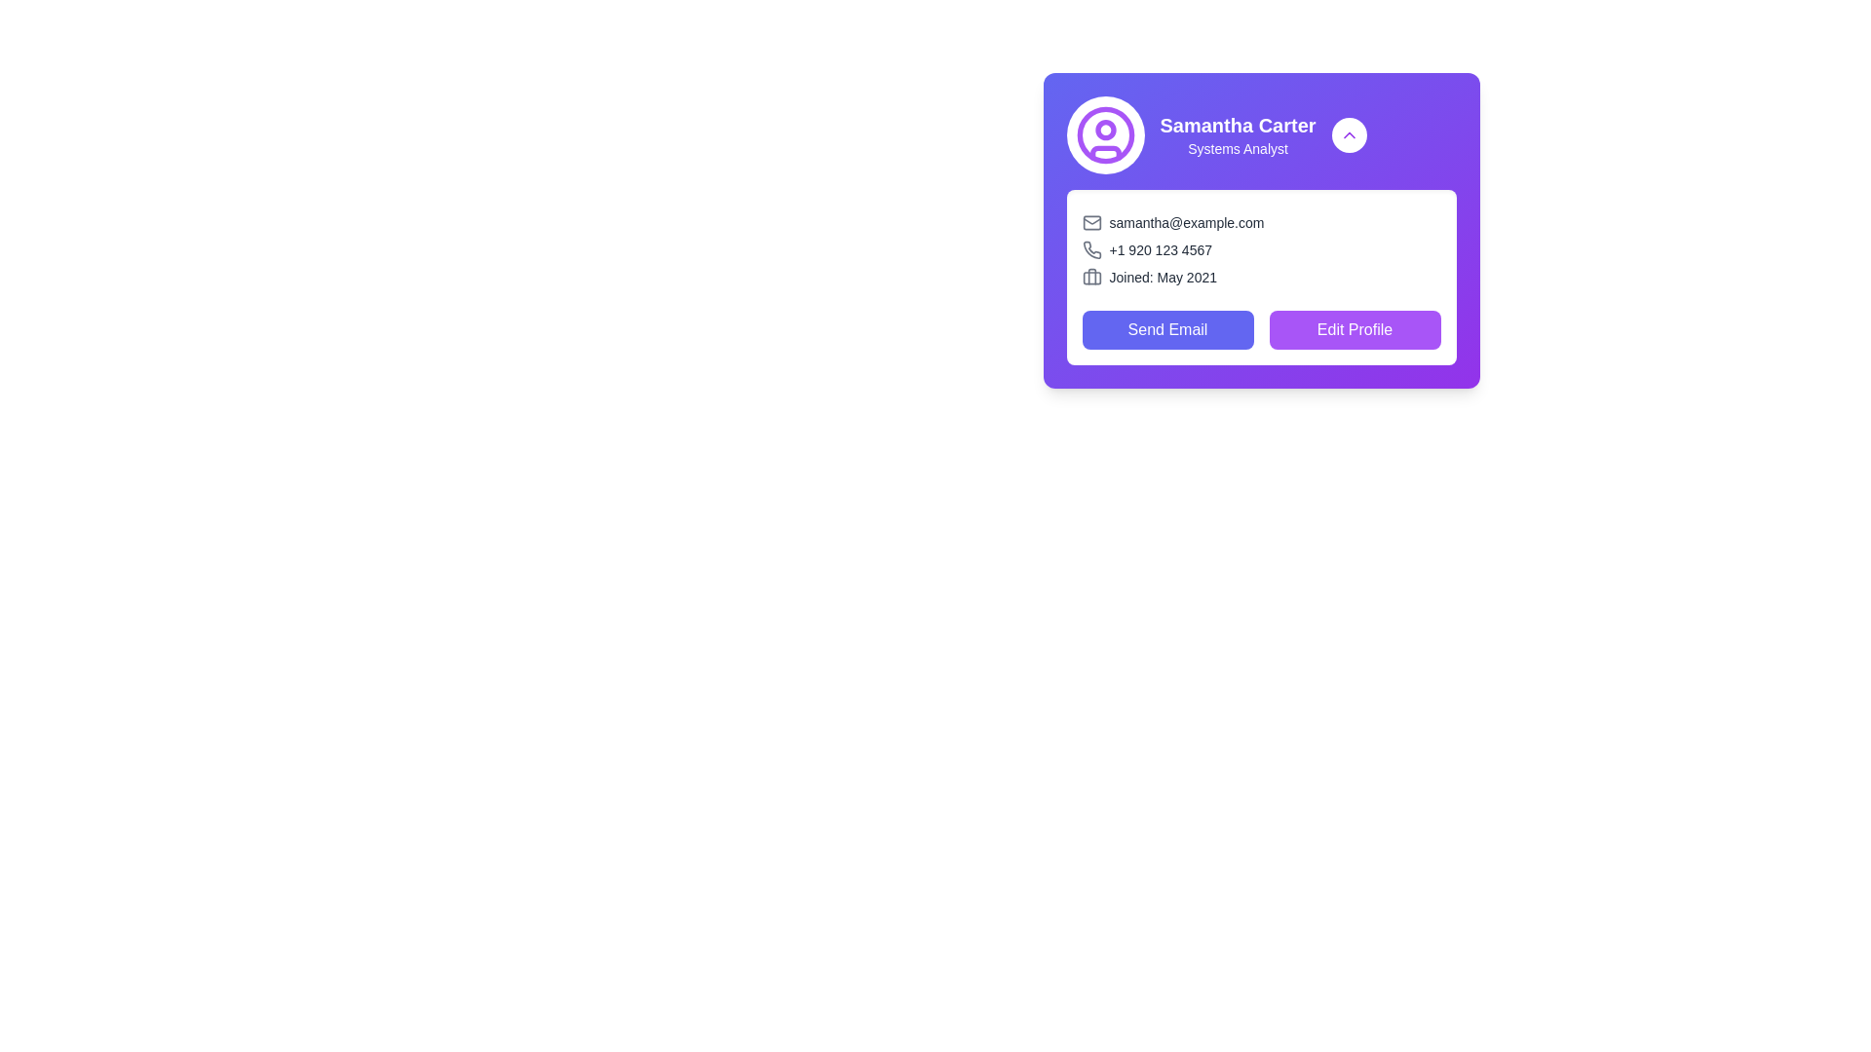 Image resolution: width=1871 pixels, height=1052 pixels. What do you see at coordinates (1091, 278) in the screenshot?
I see `the icon located to the left of the 'Joined: May 2021' text, which indicates the user's joining date` at bounding box center [1091, 278].